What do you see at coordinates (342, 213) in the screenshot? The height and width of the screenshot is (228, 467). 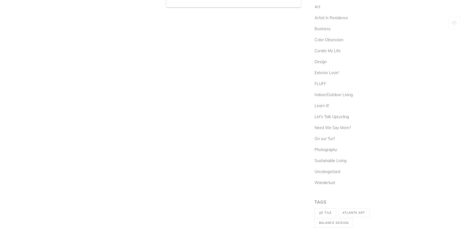 I see `'atlanta art'` at bounding box center [342, 213].